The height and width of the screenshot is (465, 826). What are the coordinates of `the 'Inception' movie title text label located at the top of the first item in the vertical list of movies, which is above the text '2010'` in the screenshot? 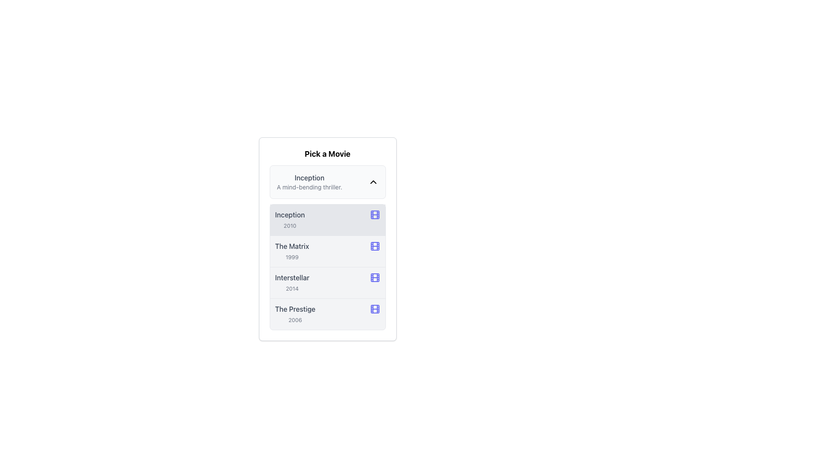 It's located at (290, 214).